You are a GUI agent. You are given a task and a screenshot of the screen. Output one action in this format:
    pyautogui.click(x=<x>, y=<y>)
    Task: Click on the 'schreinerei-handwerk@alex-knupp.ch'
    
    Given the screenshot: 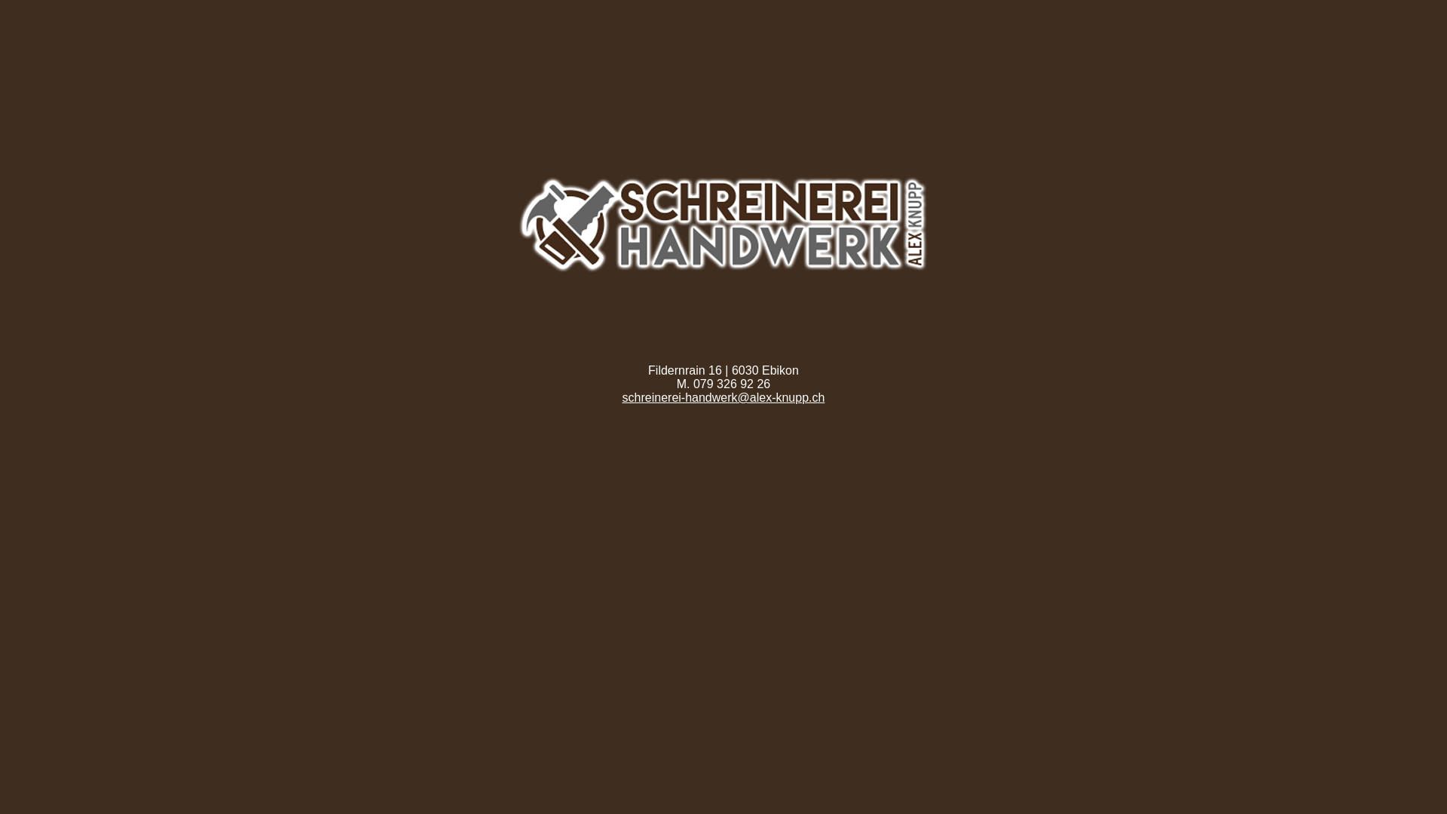 What is the action you would take?
    pyautogui.click(x=723, y=396)
    